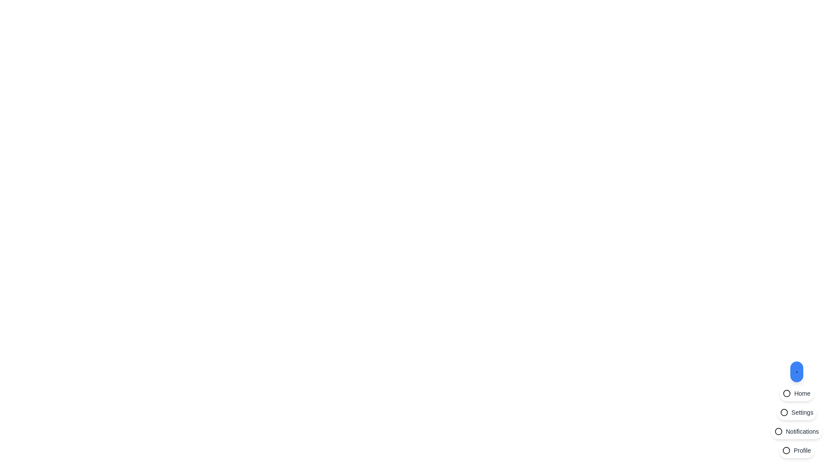 The height and width of the screenshot is (467, 831). Describe the element at coordinates (796, 432) in the screenshot. I see `the rounded white button labeled 'Notifications' located at the bottom-right corner of the interface` at that location.